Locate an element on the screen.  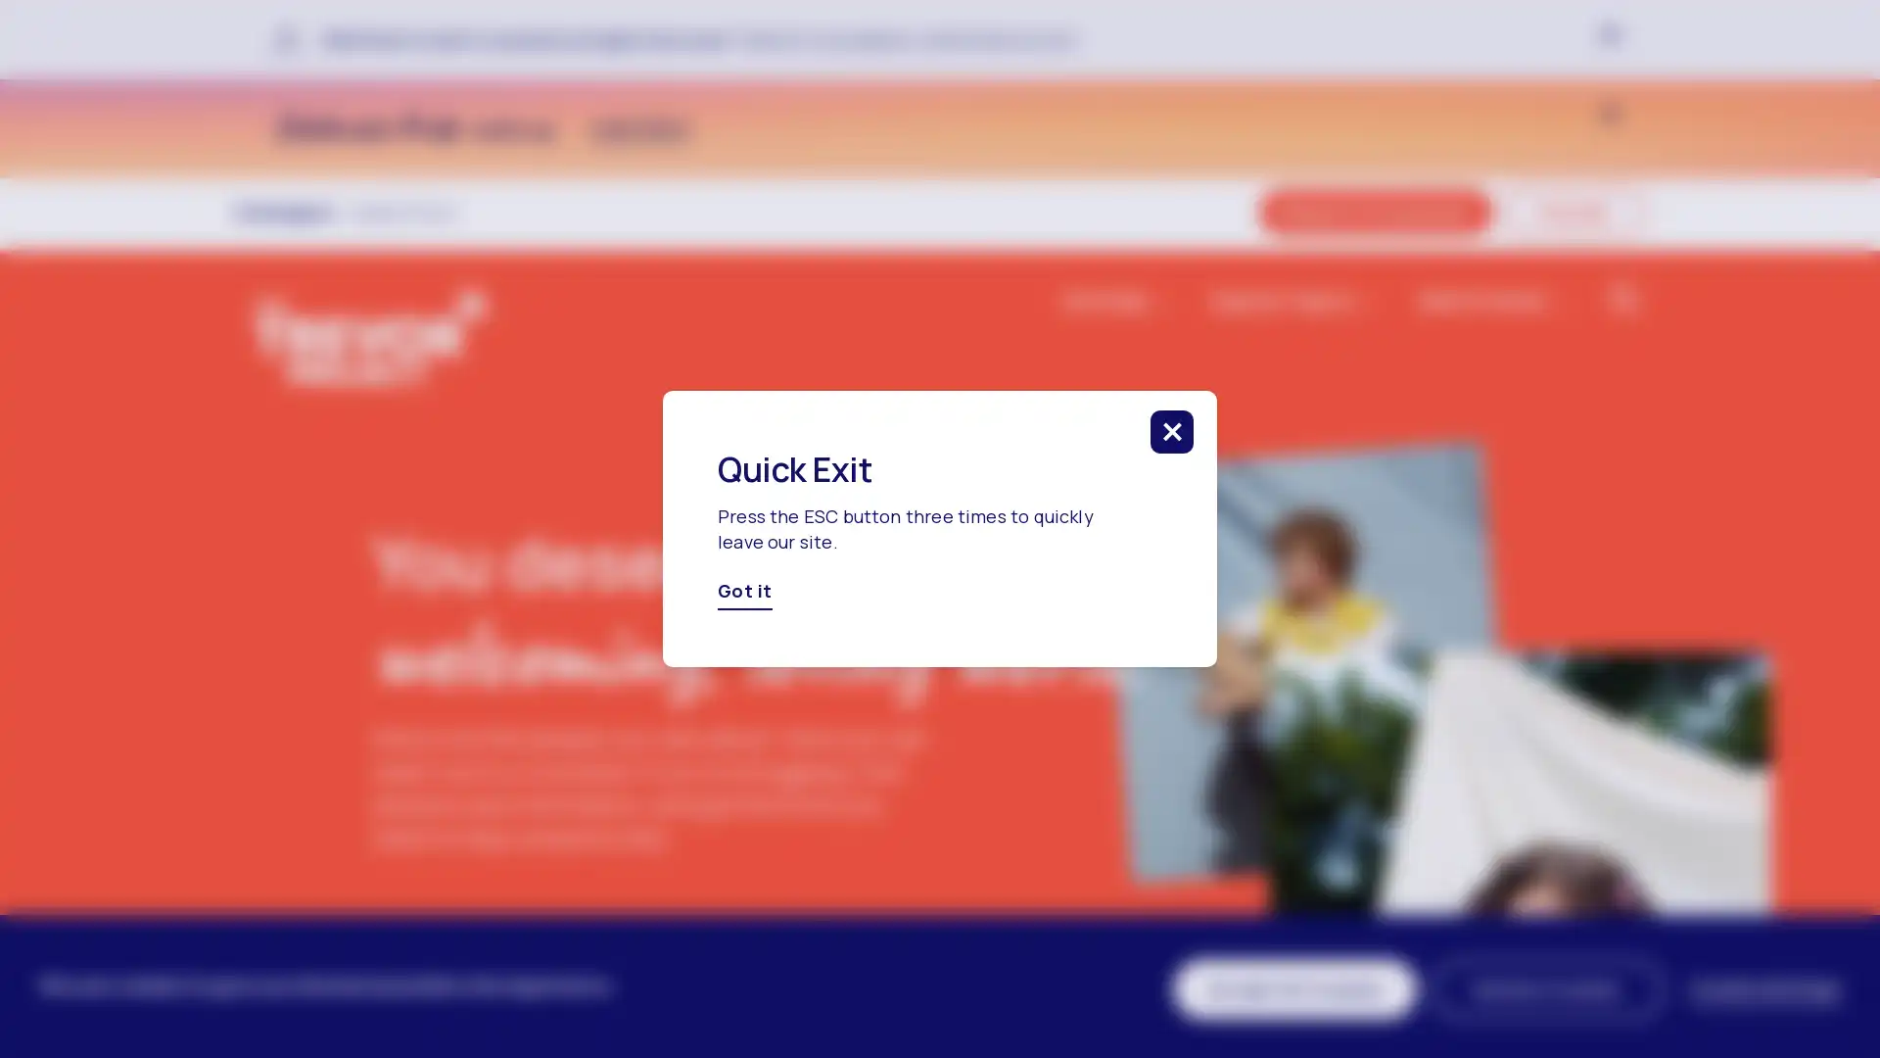
Cookie Settings is located at coordinates (1764, 989).